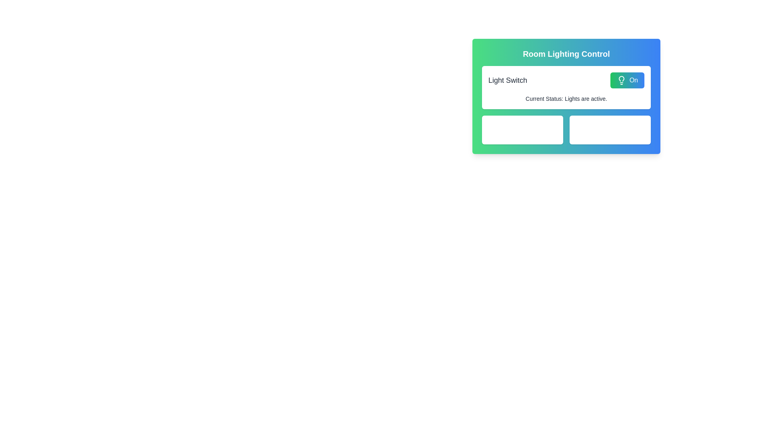 The image size is (768, 432). Describe the element at coordinates (627, 80) in the screenshot. I see `the toggle button in the upper-right corner of the 'Light Switch' section to engage hover effects` at that location.